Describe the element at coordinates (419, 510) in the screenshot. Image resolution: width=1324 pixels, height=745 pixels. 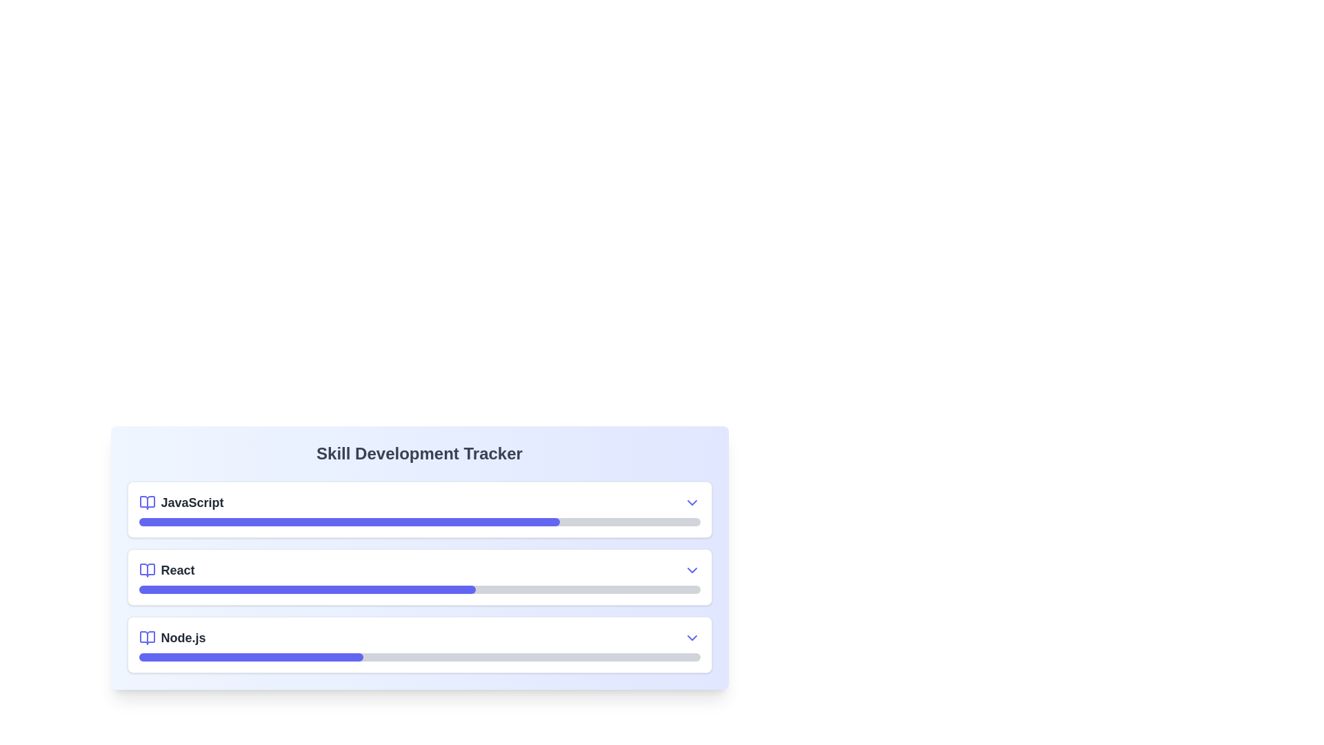
I see `the dropdown arrow or progress bar of the 'JavaScript' skill progress tracker item, which is the first entry under 'Skill Development Tracker'` at that location.